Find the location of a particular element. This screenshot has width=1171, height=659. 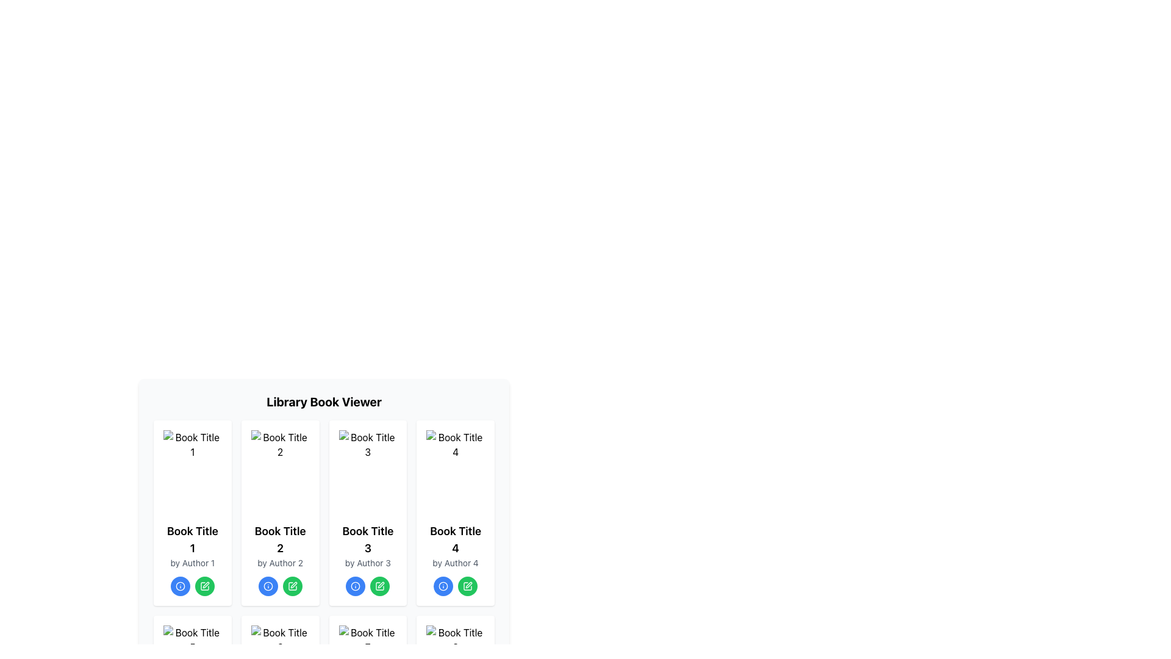

the circular green button with a pen icon associated with 'Book Title 2' is located at coordinates (292, 585).